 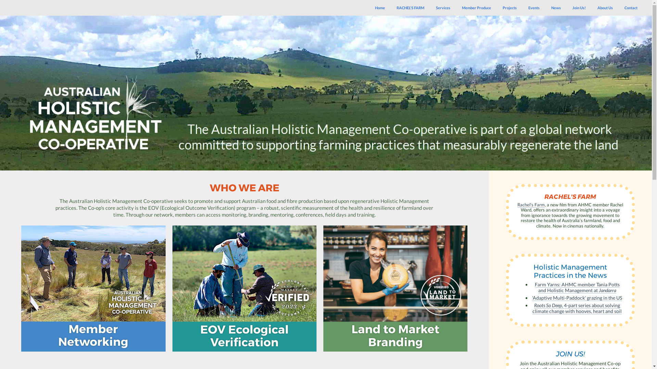 What do you see at coordinates (577, 297) in the screenshot?
I see `''Adaptive Multi-Paddock' grazing in the US'` at bounding box center [577, 297].